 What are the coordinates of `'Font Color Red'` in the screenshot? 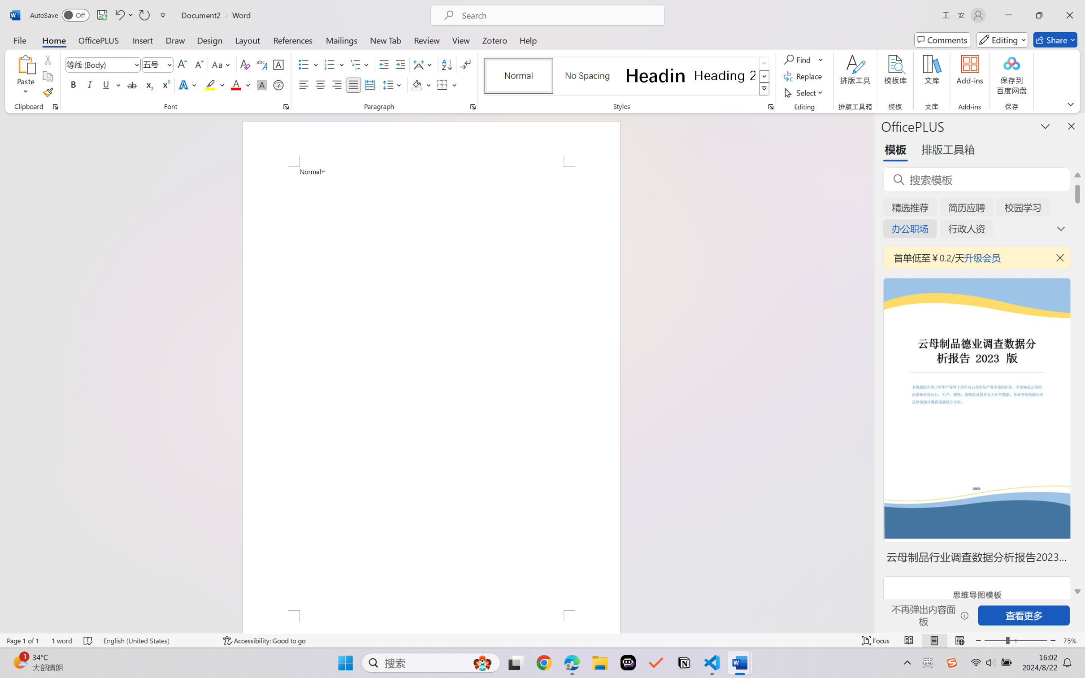 It's located at (236, 84).